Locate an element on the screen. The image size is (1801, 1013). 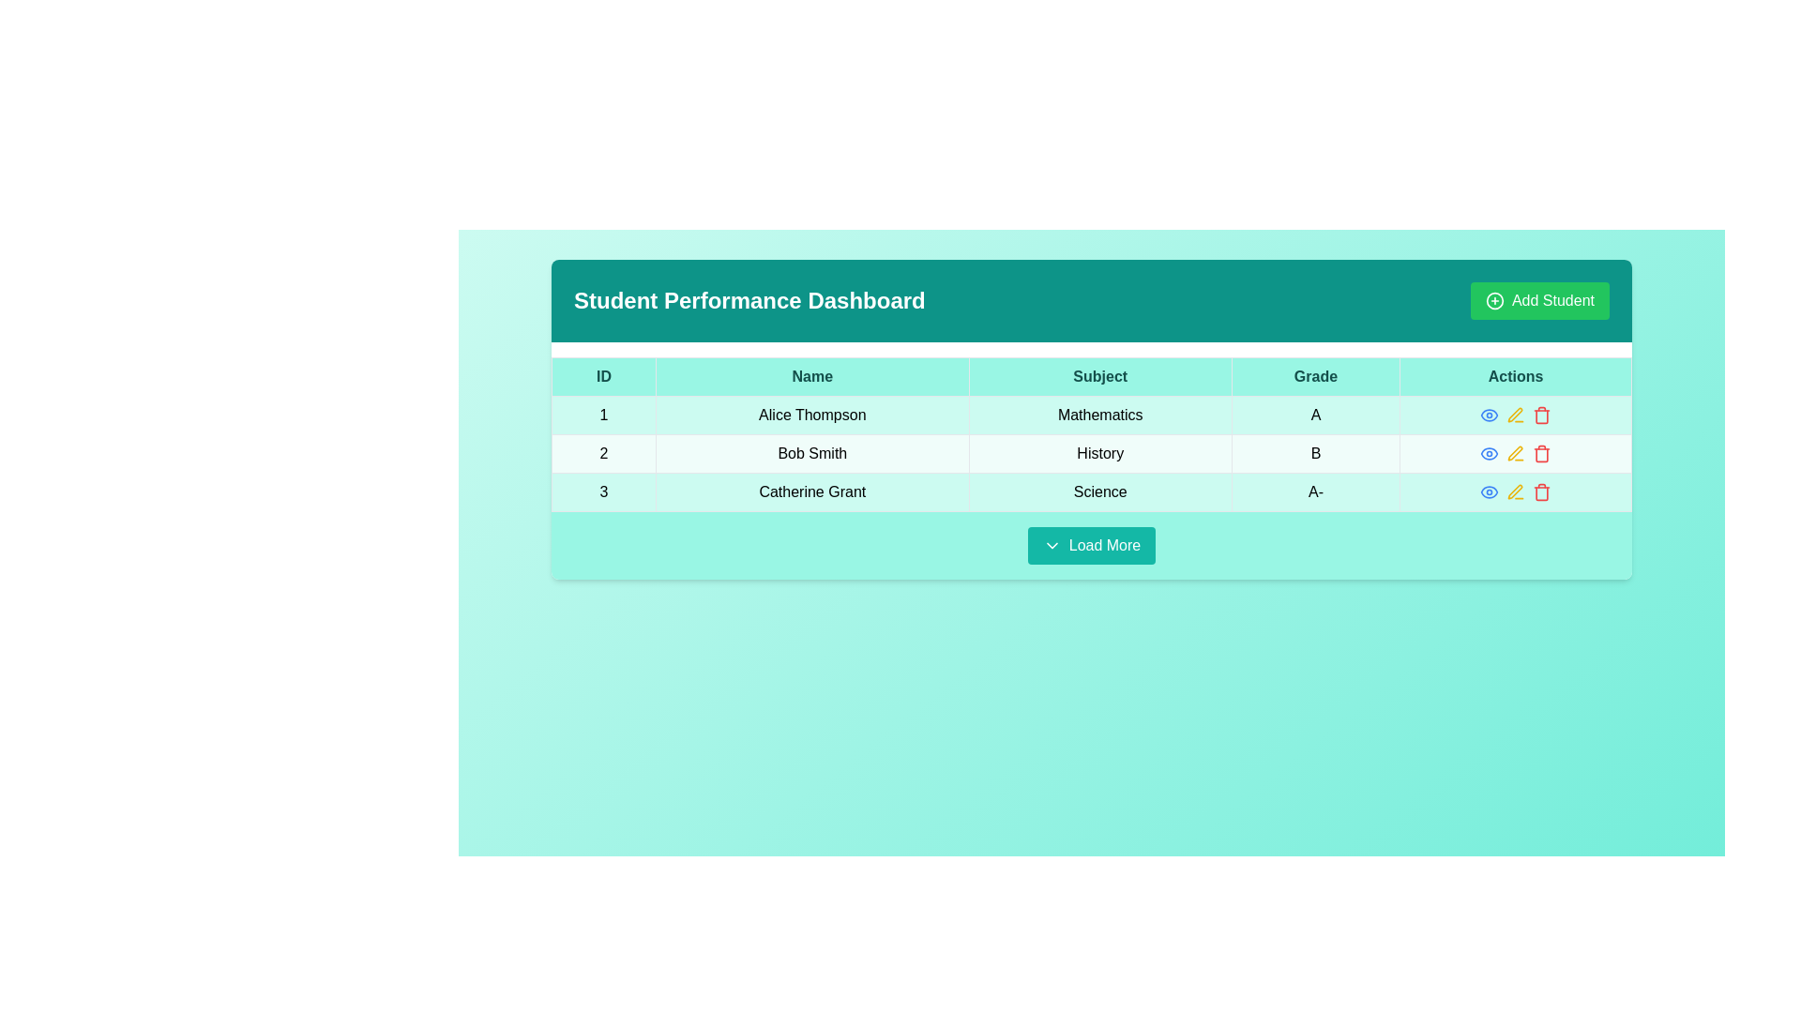
the table cell displaying the ID for 'Bob Smith', located in the second row under the 'ID' column is located at coordinates (603, 453).